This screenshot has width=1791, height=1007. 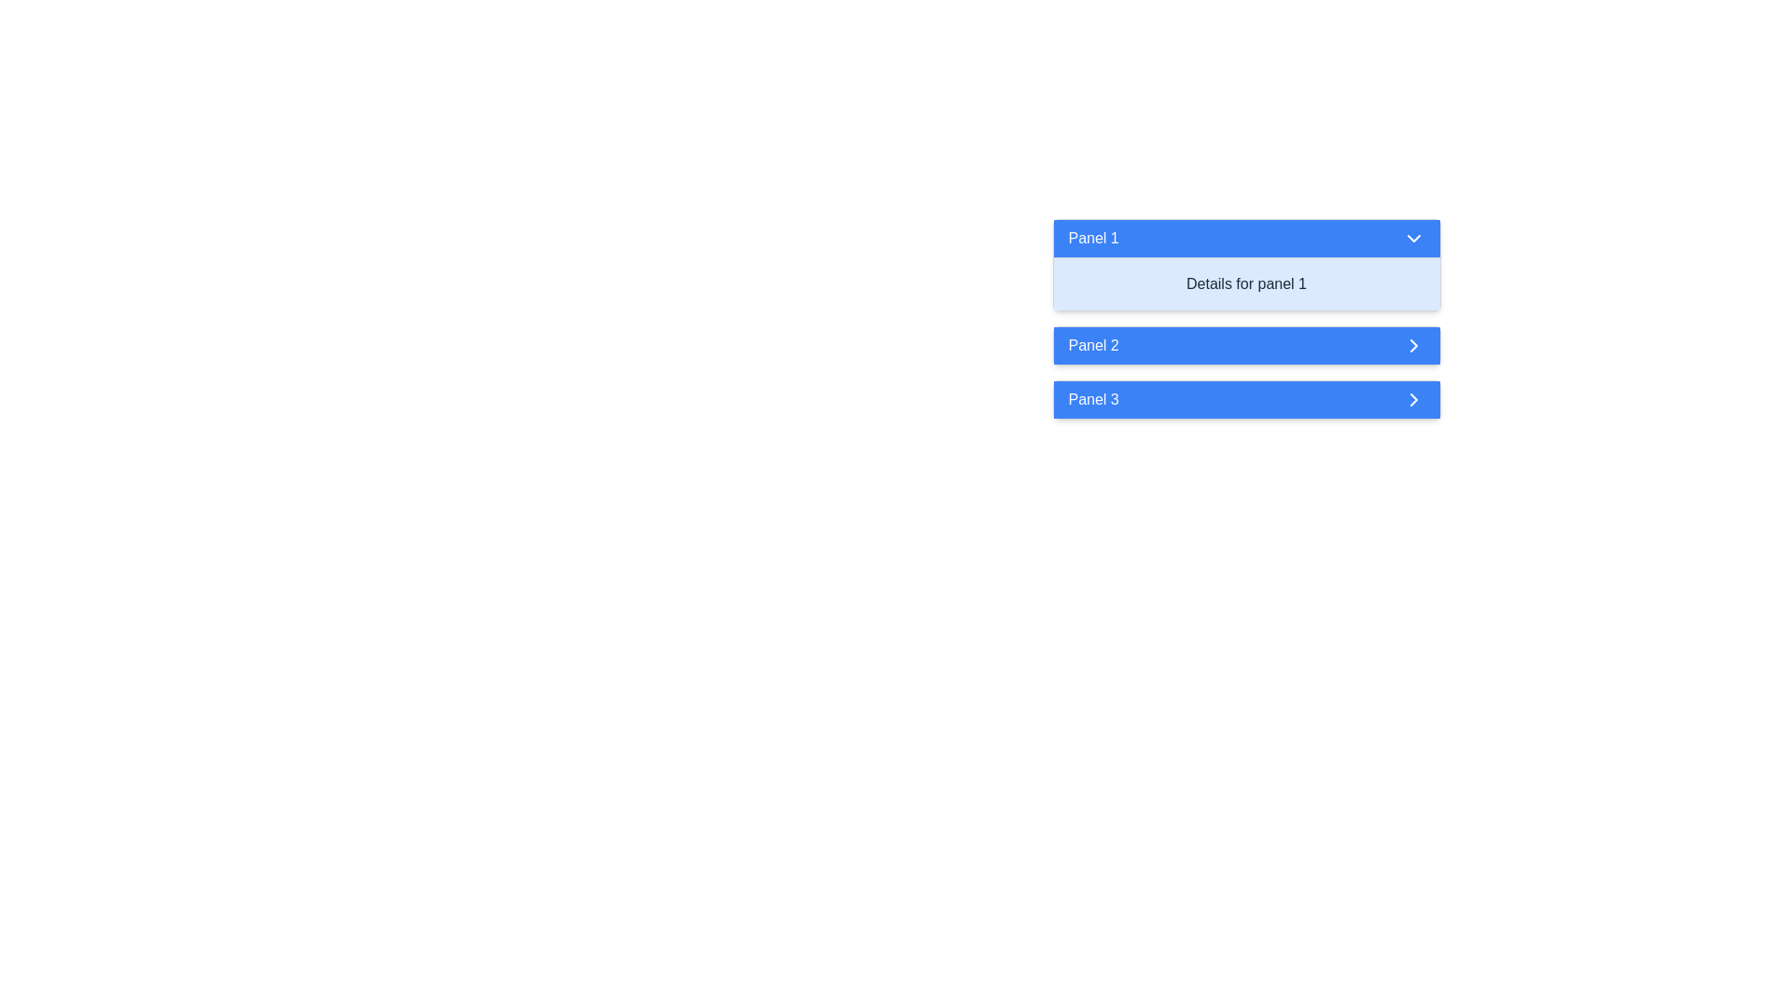 What do you see at coordinates (1246, 398) in the screenshot?
I see `the navigational button labeled 'Panel 3'` at bounding box center [1246, 398].